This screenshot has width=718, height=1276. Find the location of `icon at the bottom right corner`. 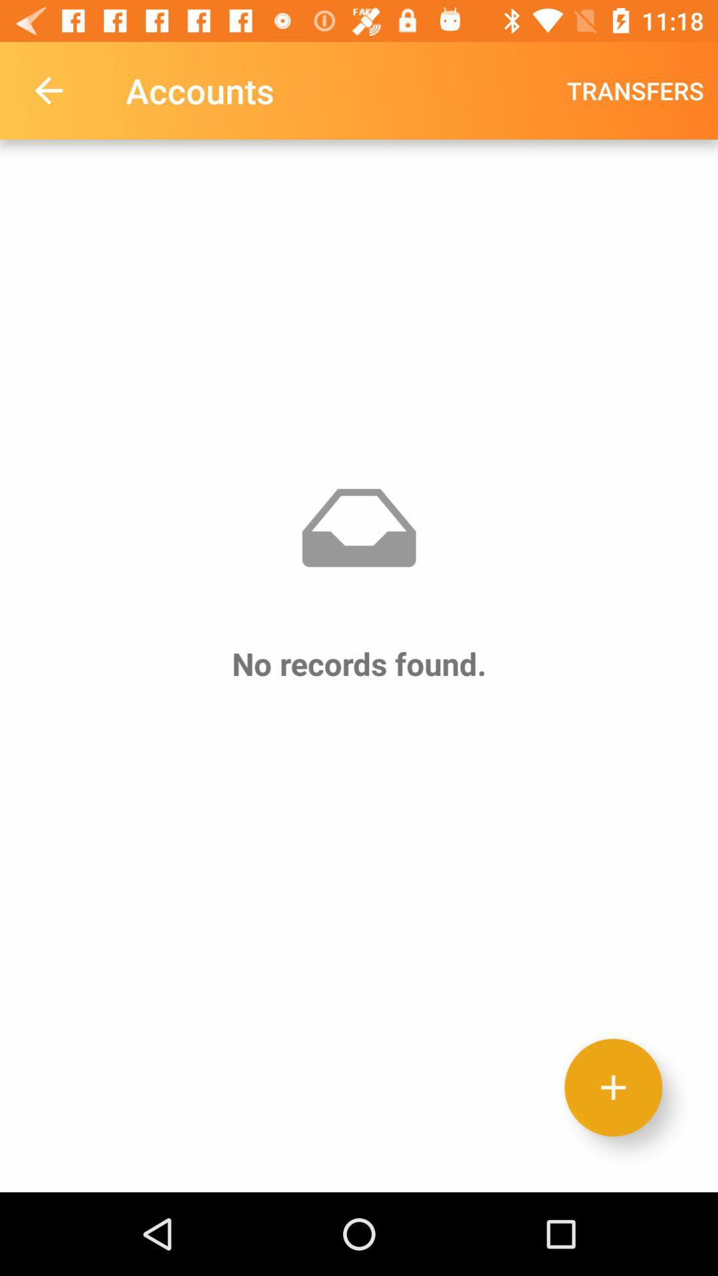

icon at the bottom right corner is located at coordinates (613, 1087).